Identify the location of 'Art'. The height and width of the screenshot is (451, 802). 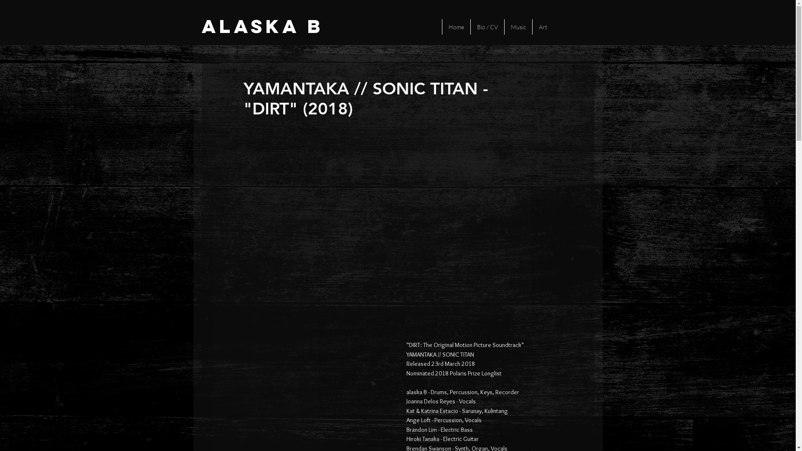
(531, 26).